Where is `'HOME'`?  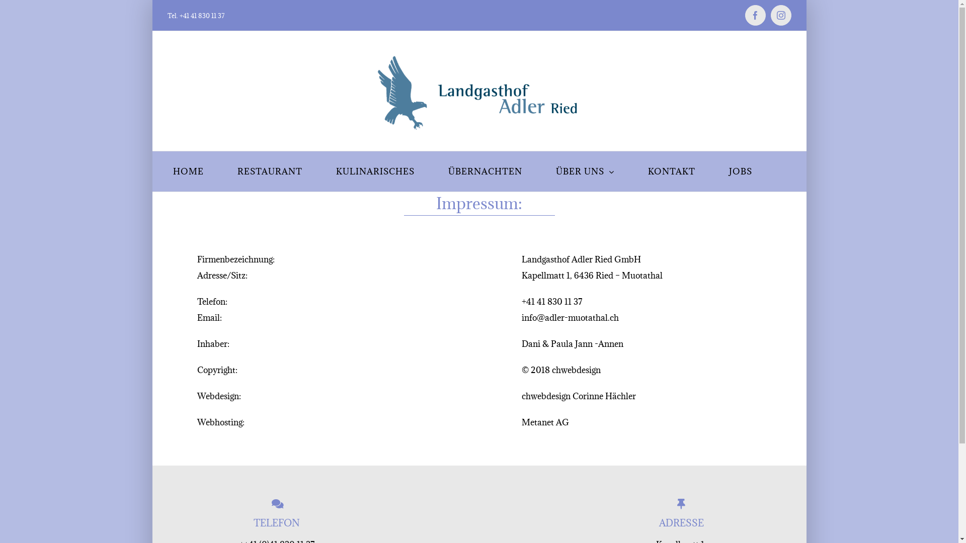
'HOME' is located at coordinates (188, 170).